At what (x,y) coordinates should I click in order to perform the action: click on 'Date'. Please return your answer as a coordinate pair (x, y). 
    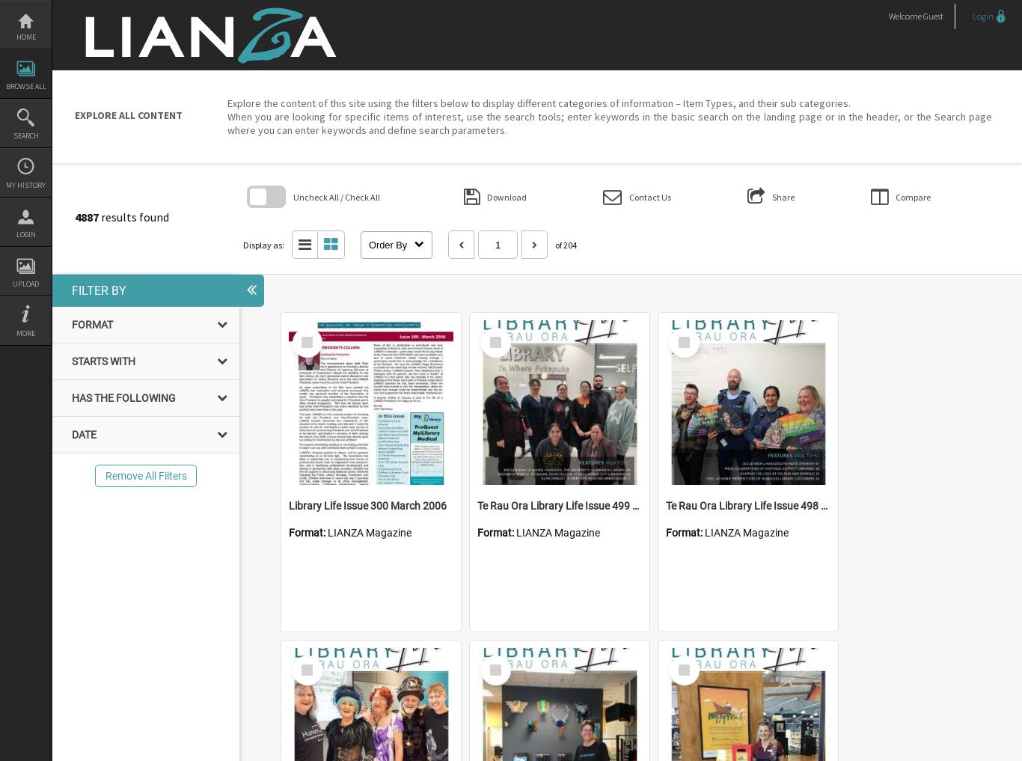
    Looking at the image, I should click on (84, 434).